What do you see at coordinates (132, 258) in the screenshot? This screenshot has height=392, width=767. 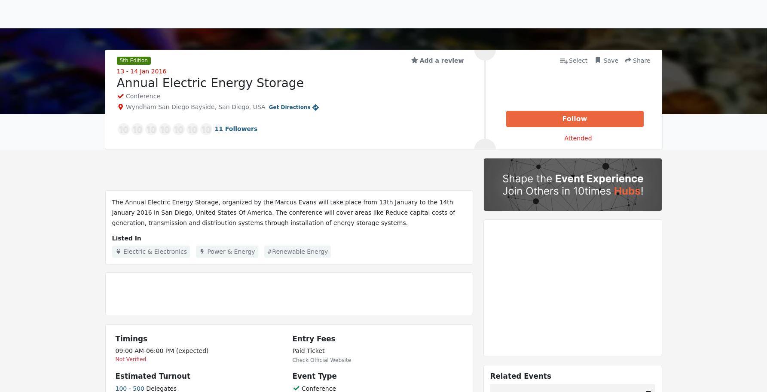 I see `'Helpful'` at bounding box center [132, 258].